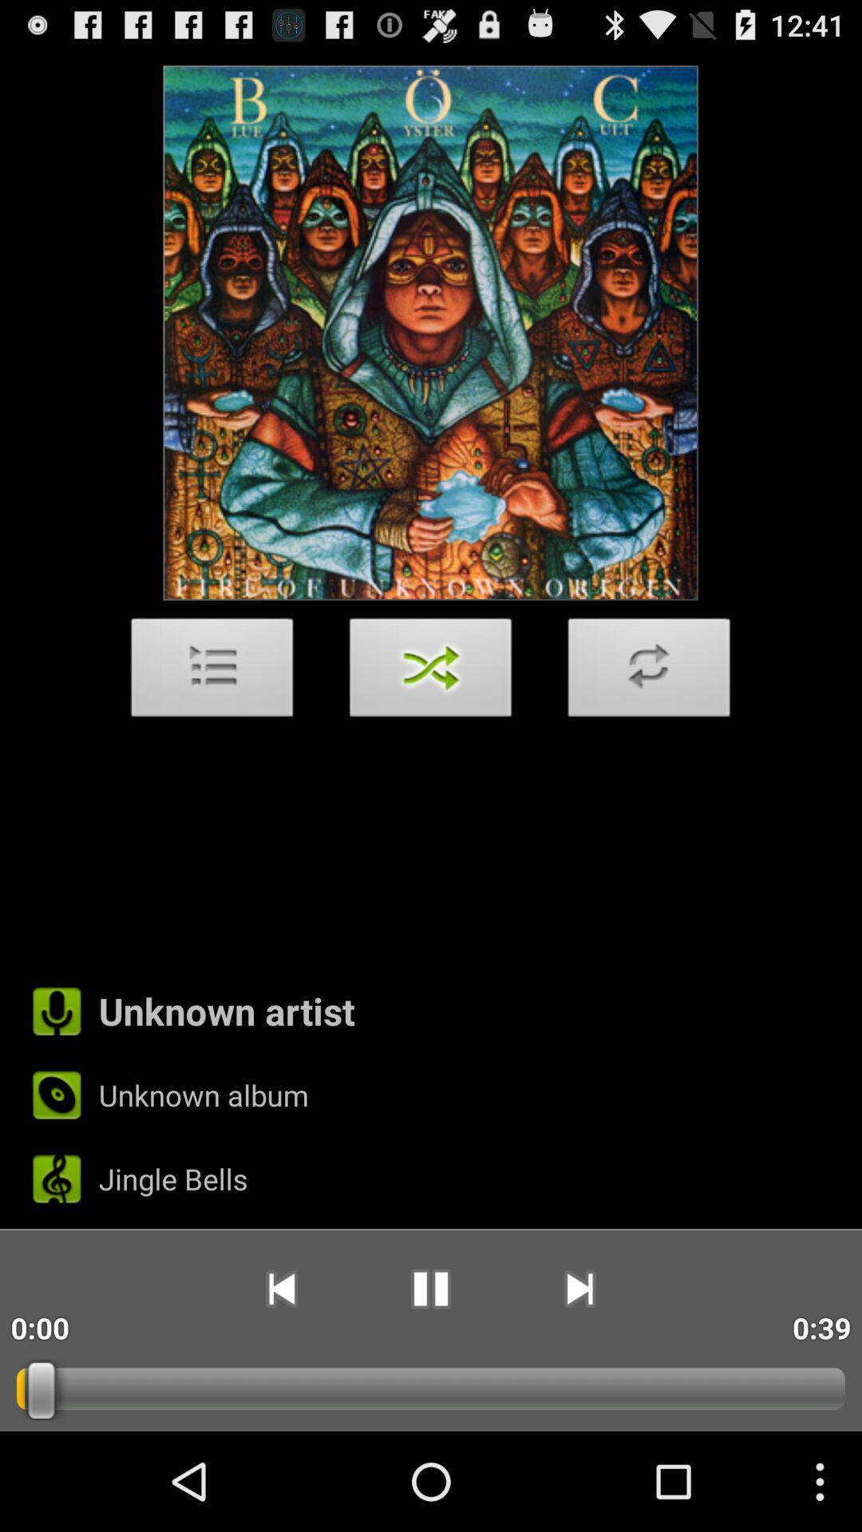 The width and height of the screenshot is (862, 1532). What do you see at coordinates (280, 1378) in the screenshot?
I see `the skip_previous icon` at bounding box center [280, 1378].